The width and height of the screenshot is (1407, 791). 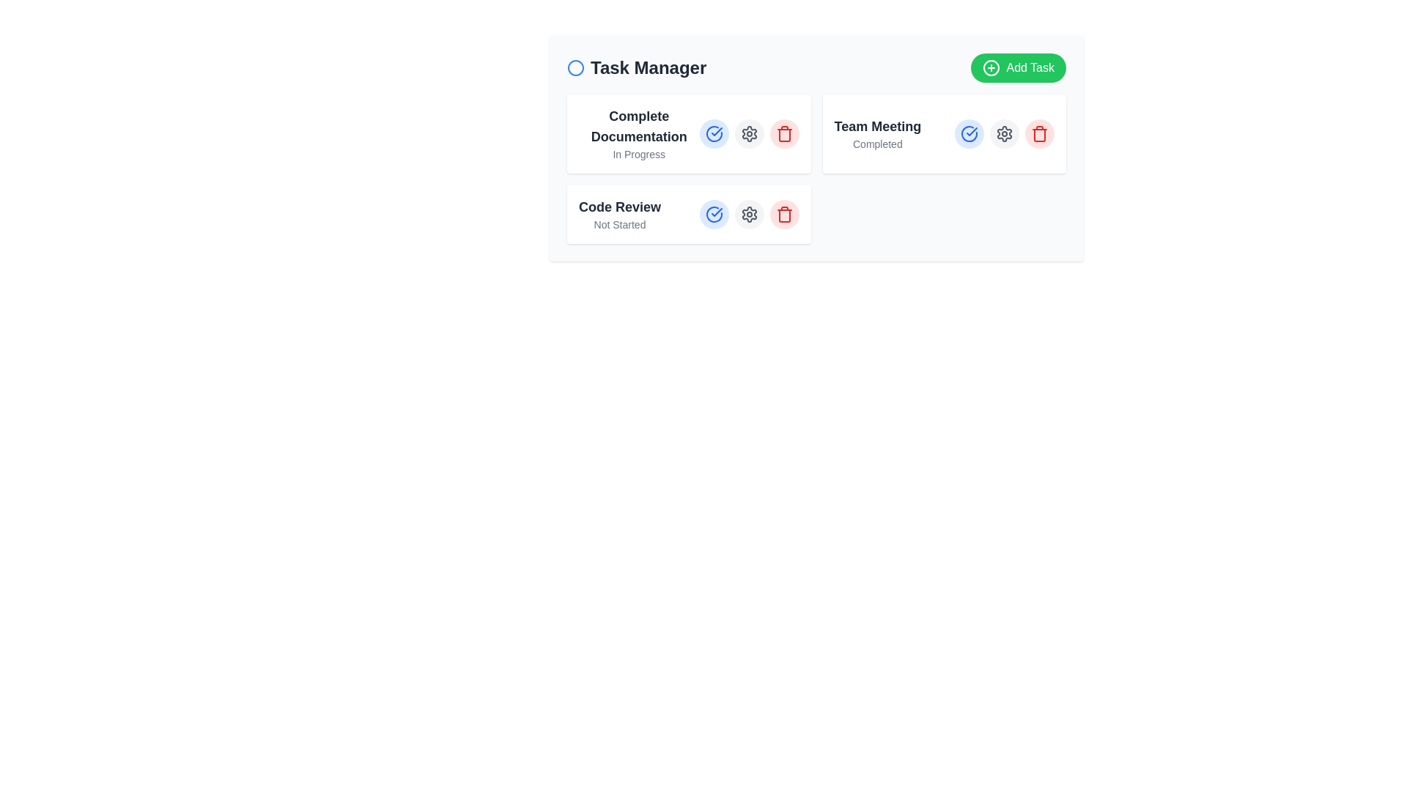 I want to click on the circular icon with a white plus symbol located in the green 'Add Task' button in the upper-right region of the layout, so click(x=991, y=67).